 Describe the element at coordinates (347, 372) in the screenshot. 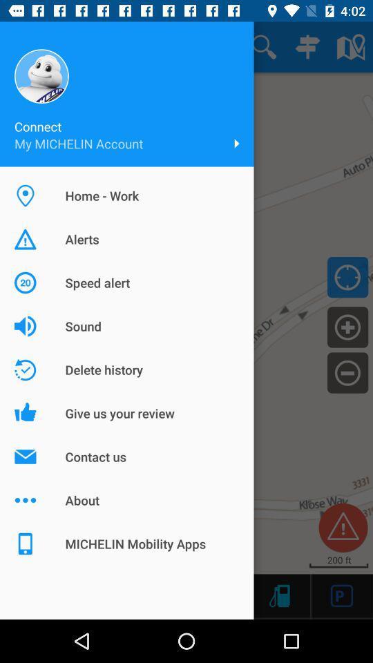

I see `zoom out` at that location.